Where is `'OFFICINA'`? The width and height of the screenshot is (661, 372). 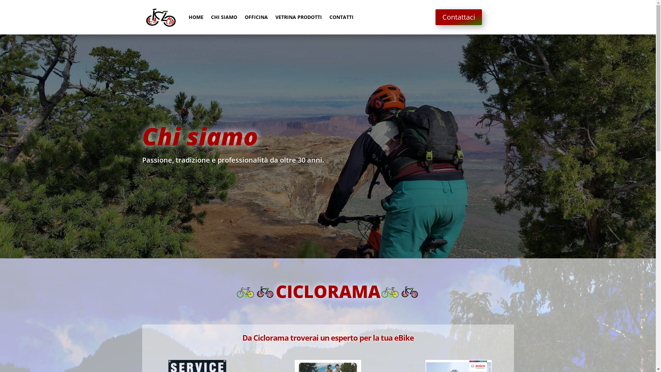
'OFFICINA' is located at coordinates (255, 17).